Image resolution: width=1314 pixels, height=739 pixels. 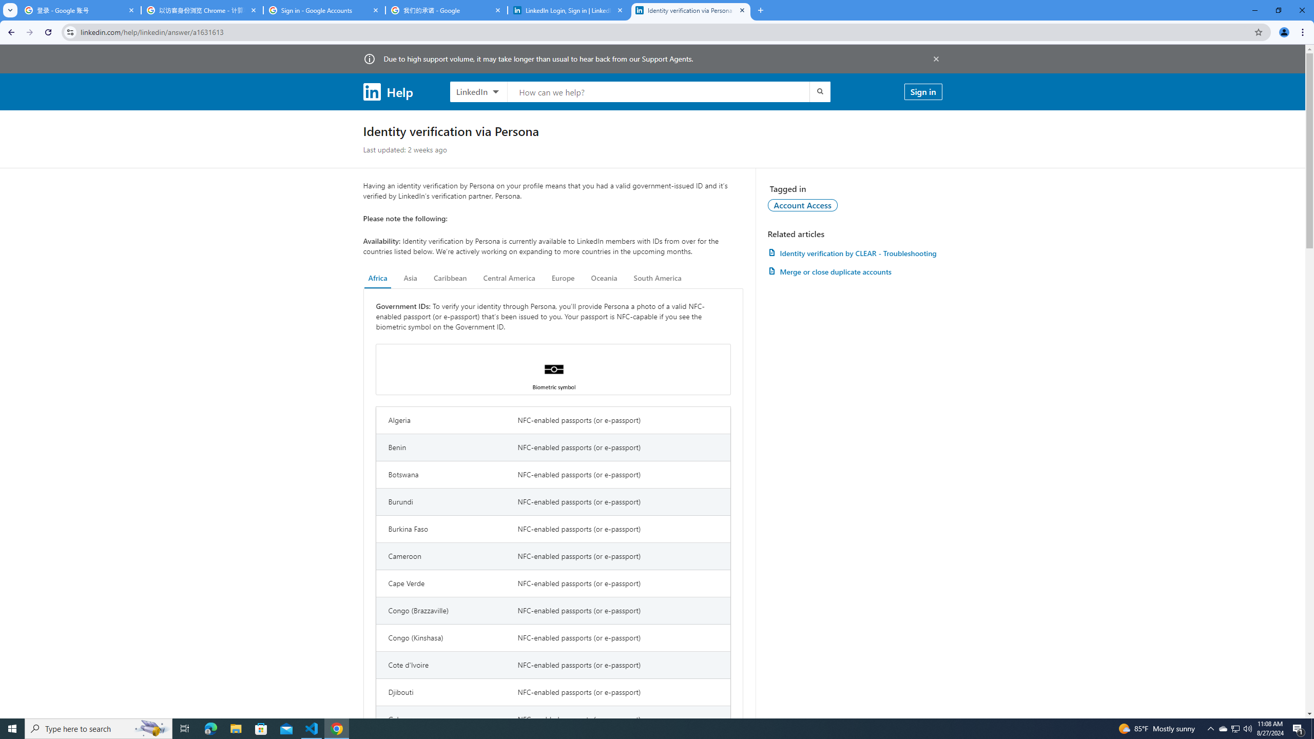 I want to click on 'Submit search', so click(x=820, y=91).